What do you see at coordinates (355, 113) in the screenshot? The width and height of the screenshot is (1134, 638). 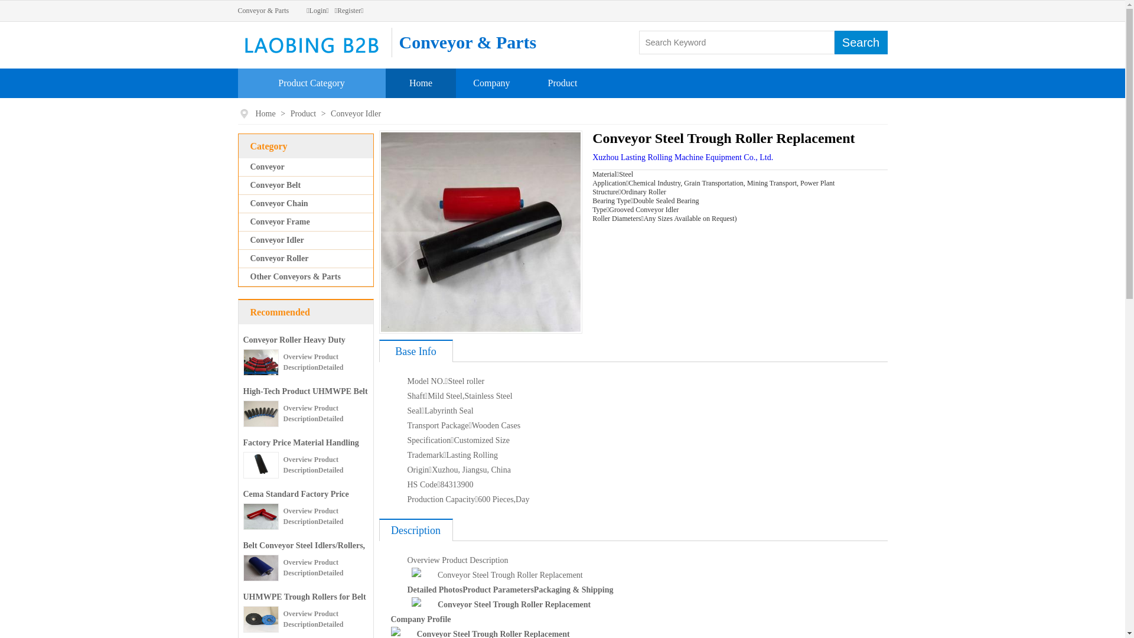 I see `'Conveyor Idler'` at bounding box center [355, 113].